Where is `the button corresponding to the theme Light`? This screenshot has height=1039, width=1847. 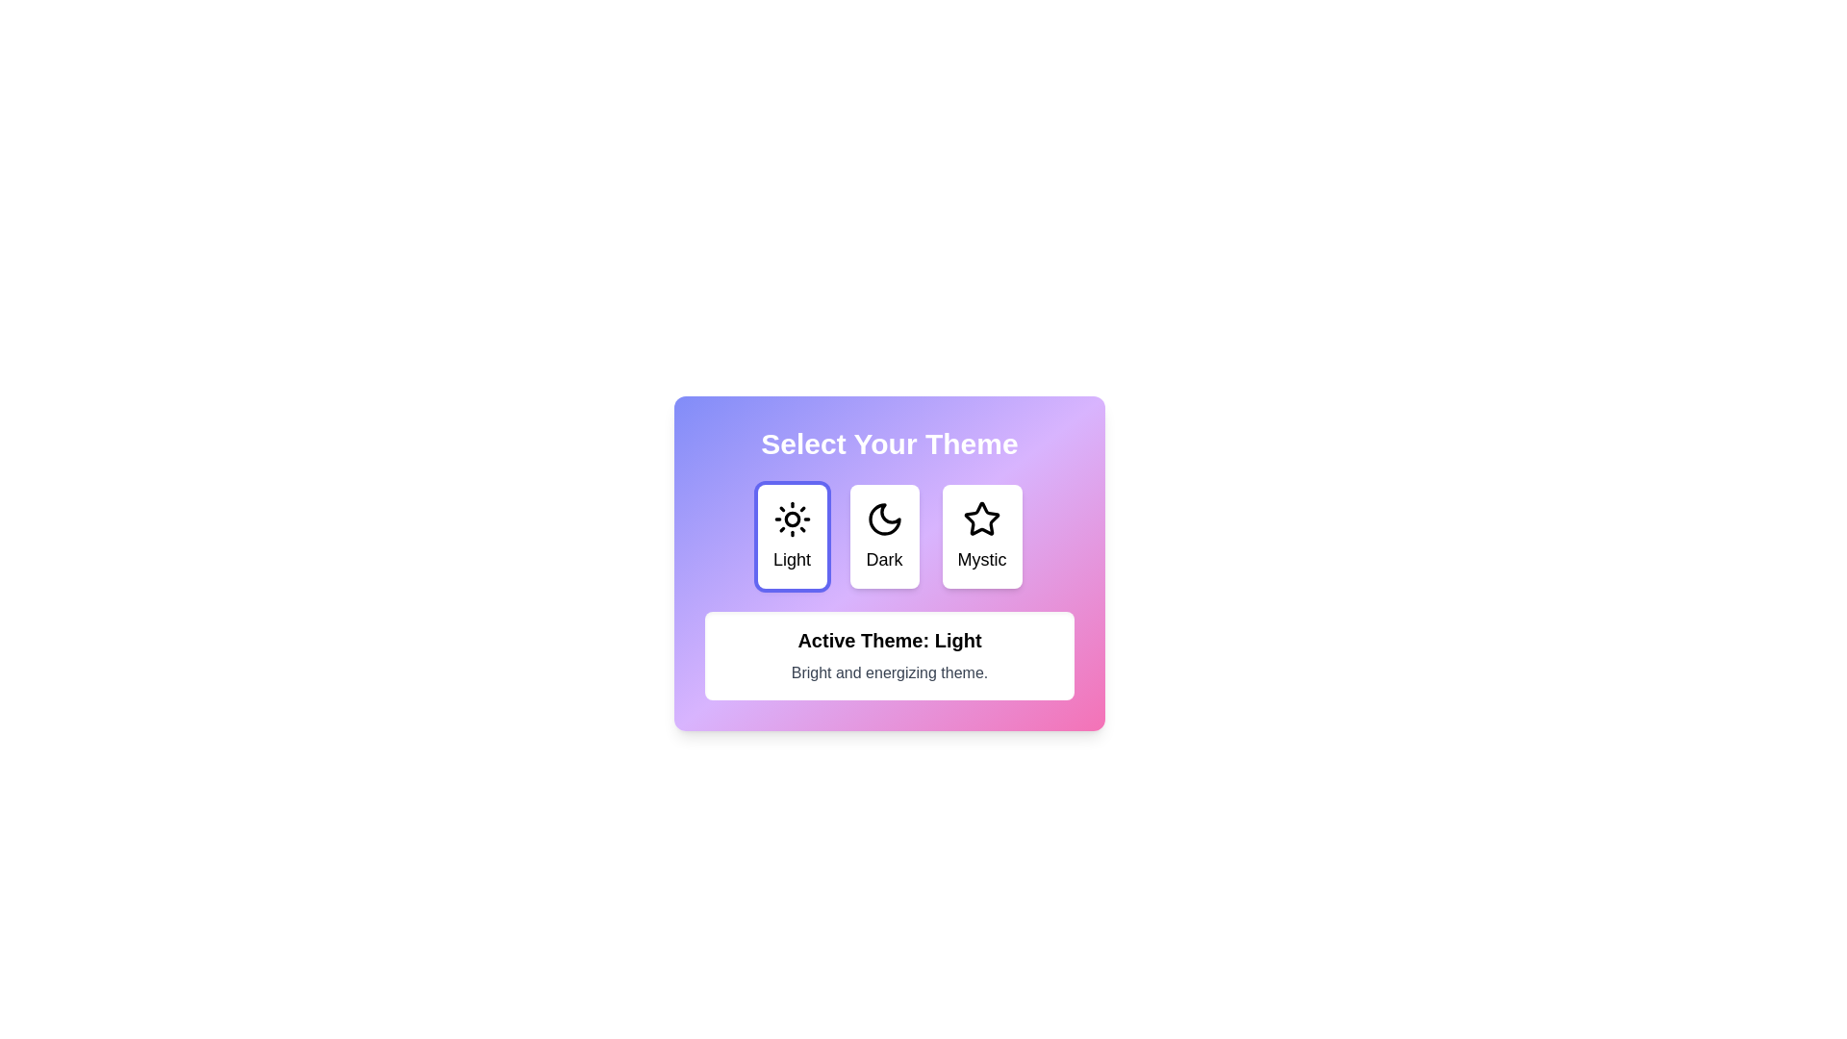
the button corresponding to the theme Light is located at coordinates (792, 537).